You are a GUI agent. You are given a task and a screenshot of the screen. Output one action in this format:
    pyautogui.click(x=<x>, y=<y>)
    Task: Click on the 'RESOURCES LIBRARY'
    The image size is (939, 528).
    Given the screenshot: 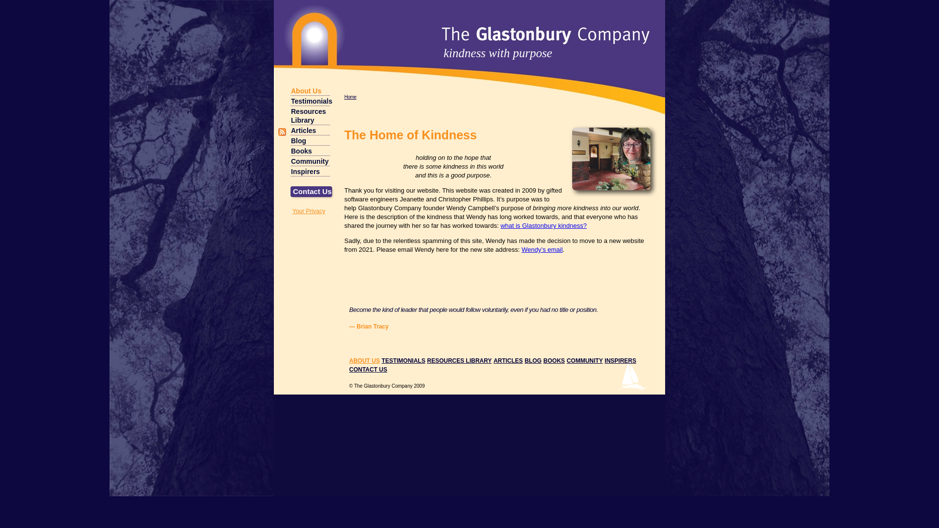 What is the action you would take?
    pyautogui.click(x=459, y=360)
    